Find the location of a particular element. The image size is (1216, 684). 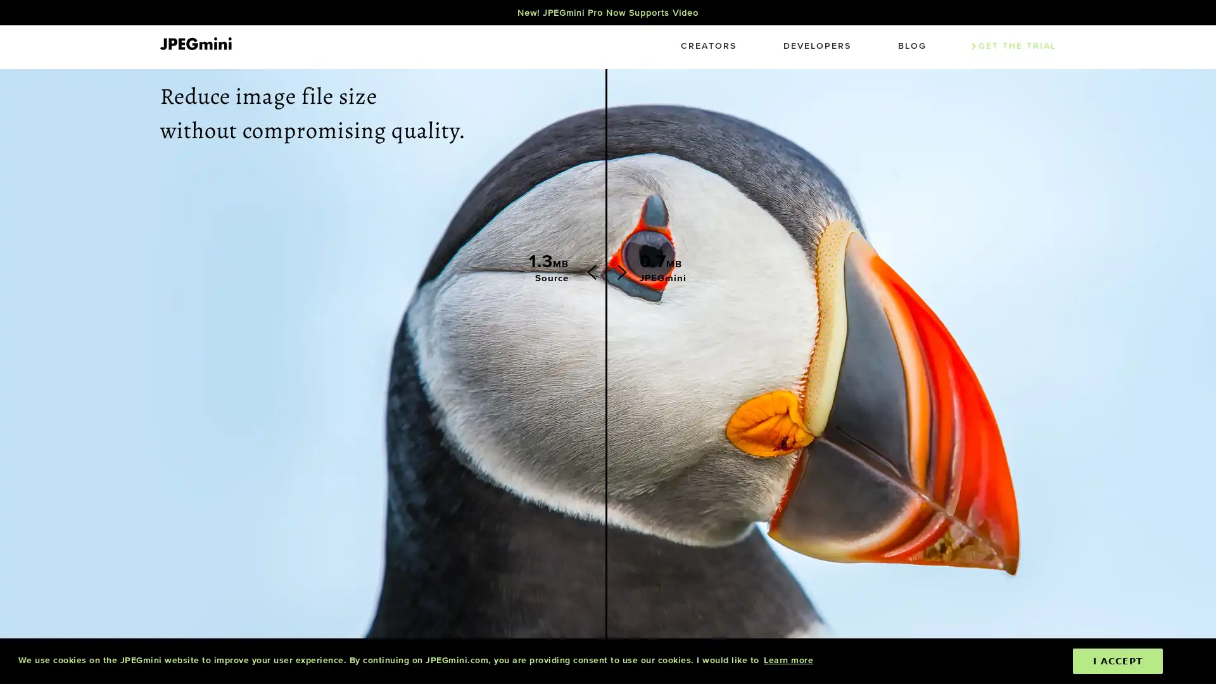

learn more about cookies is located at coordinates (787, 660).